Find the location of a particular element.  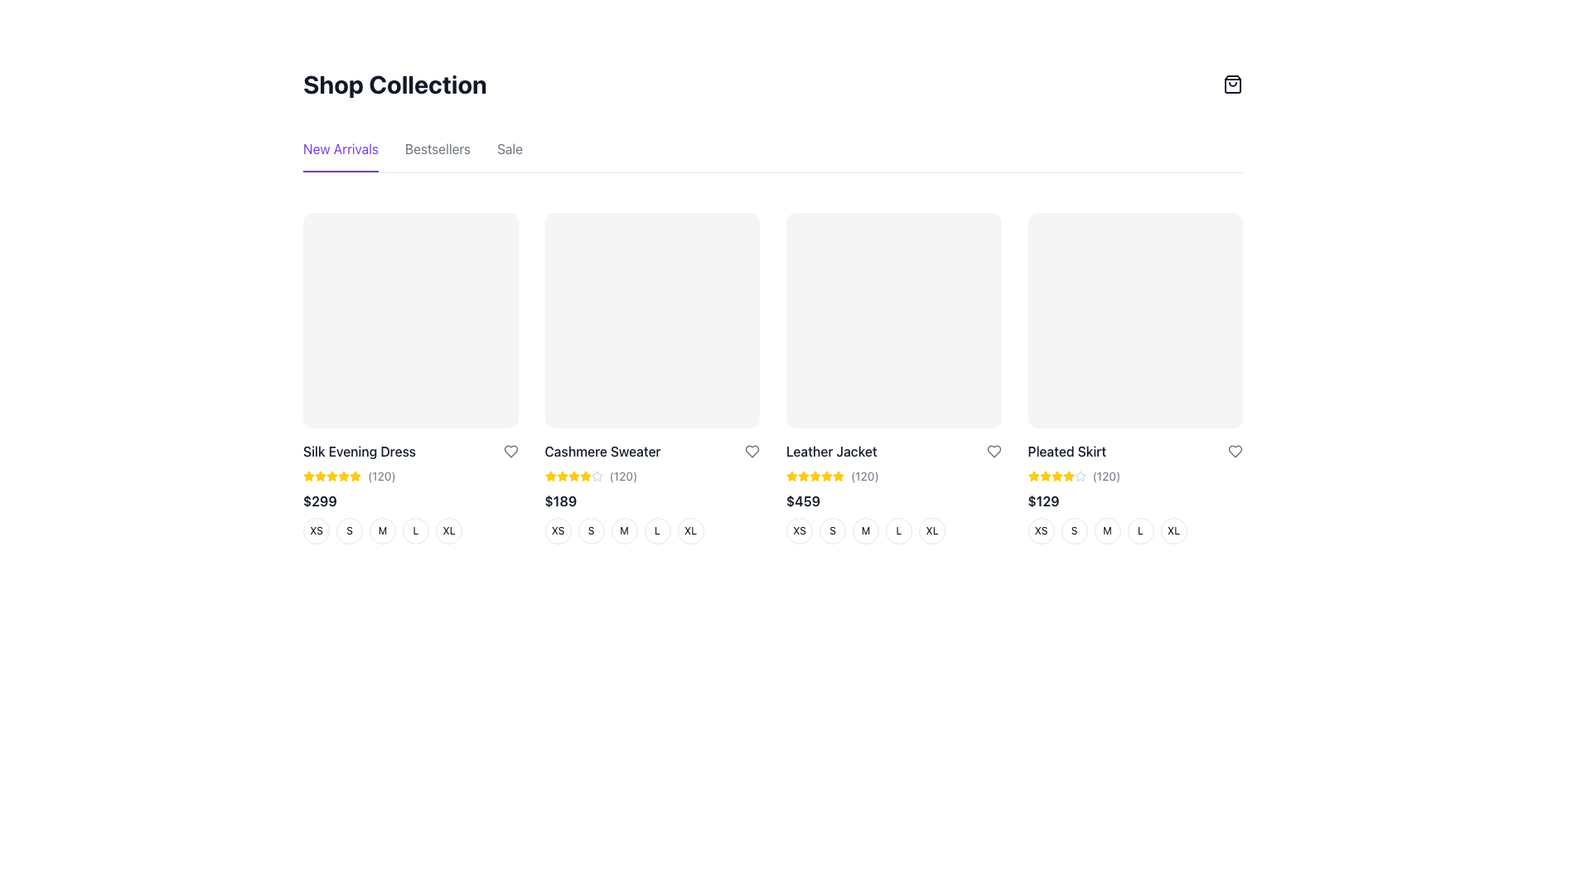

the fourth yellow star icon in the 5-star rating scale for the 'Pleated Skirt' product is located at coordinates (1056, 476).